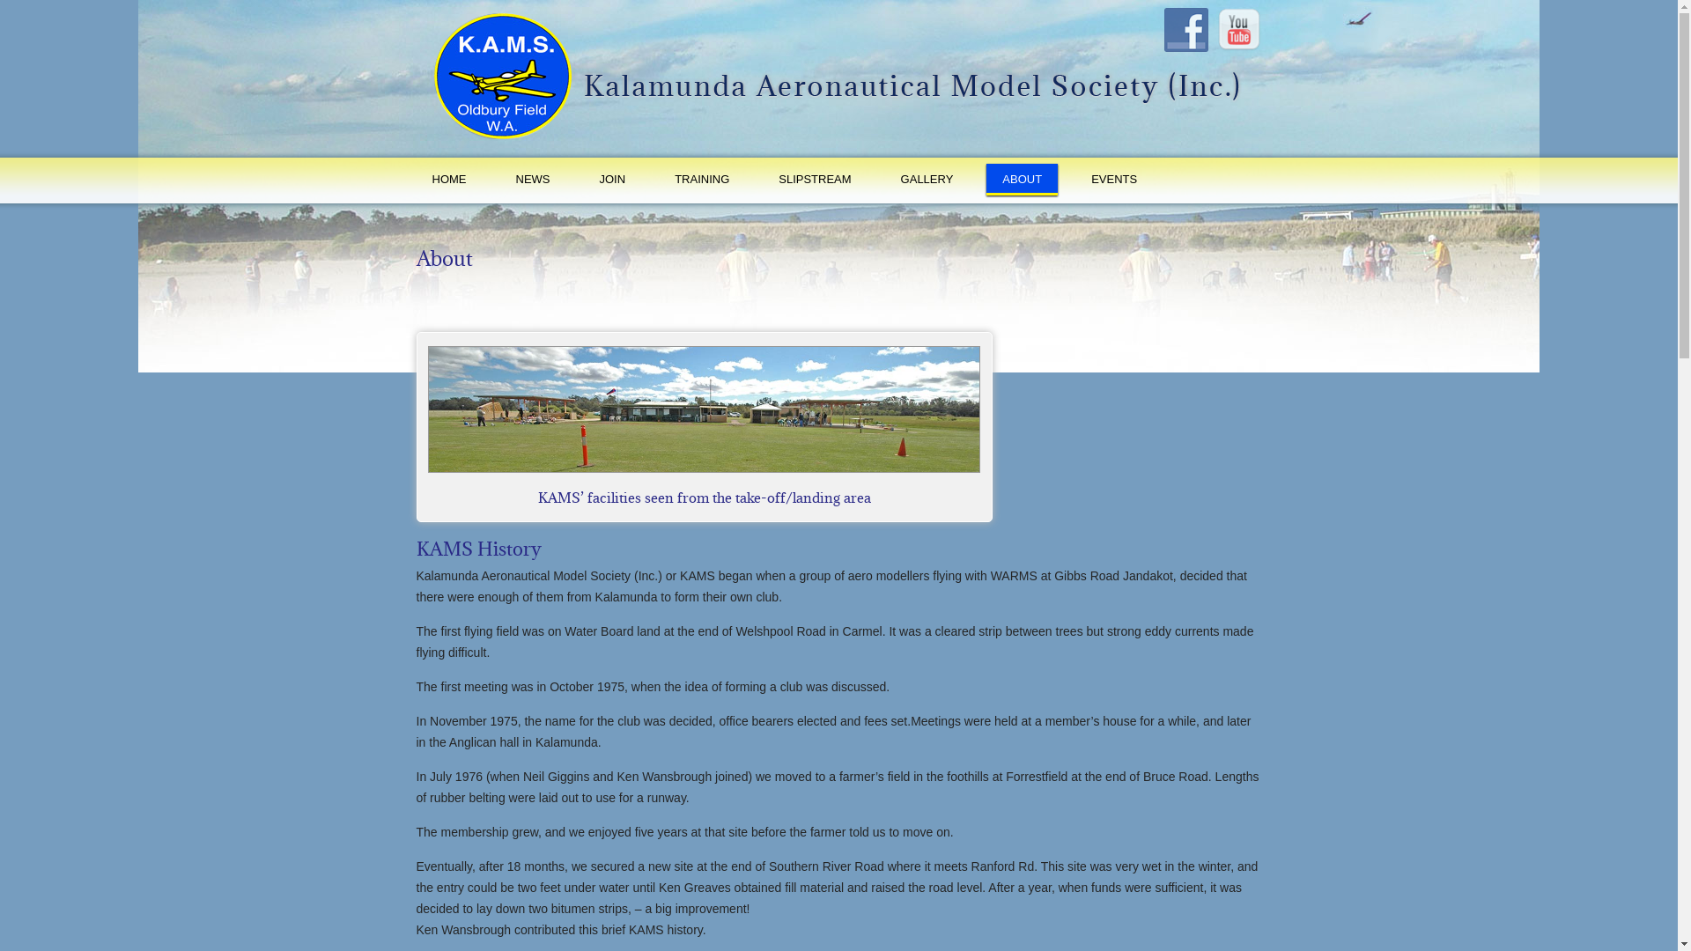 This screenshot has height=951, width=1691. I want to click on 'JOIN', so click(612, 180).